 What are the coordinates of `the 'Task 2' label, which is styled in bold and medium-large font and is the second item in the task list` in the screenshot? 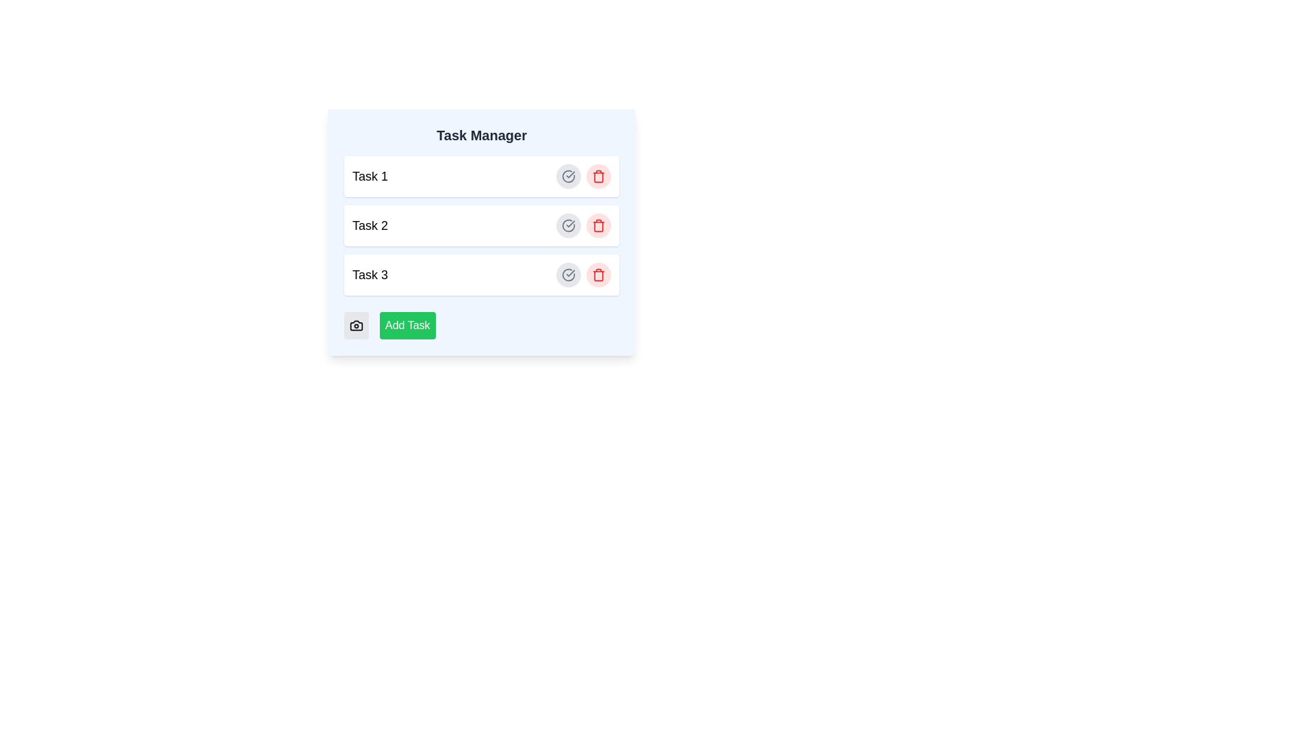 It's located at (370, 225).